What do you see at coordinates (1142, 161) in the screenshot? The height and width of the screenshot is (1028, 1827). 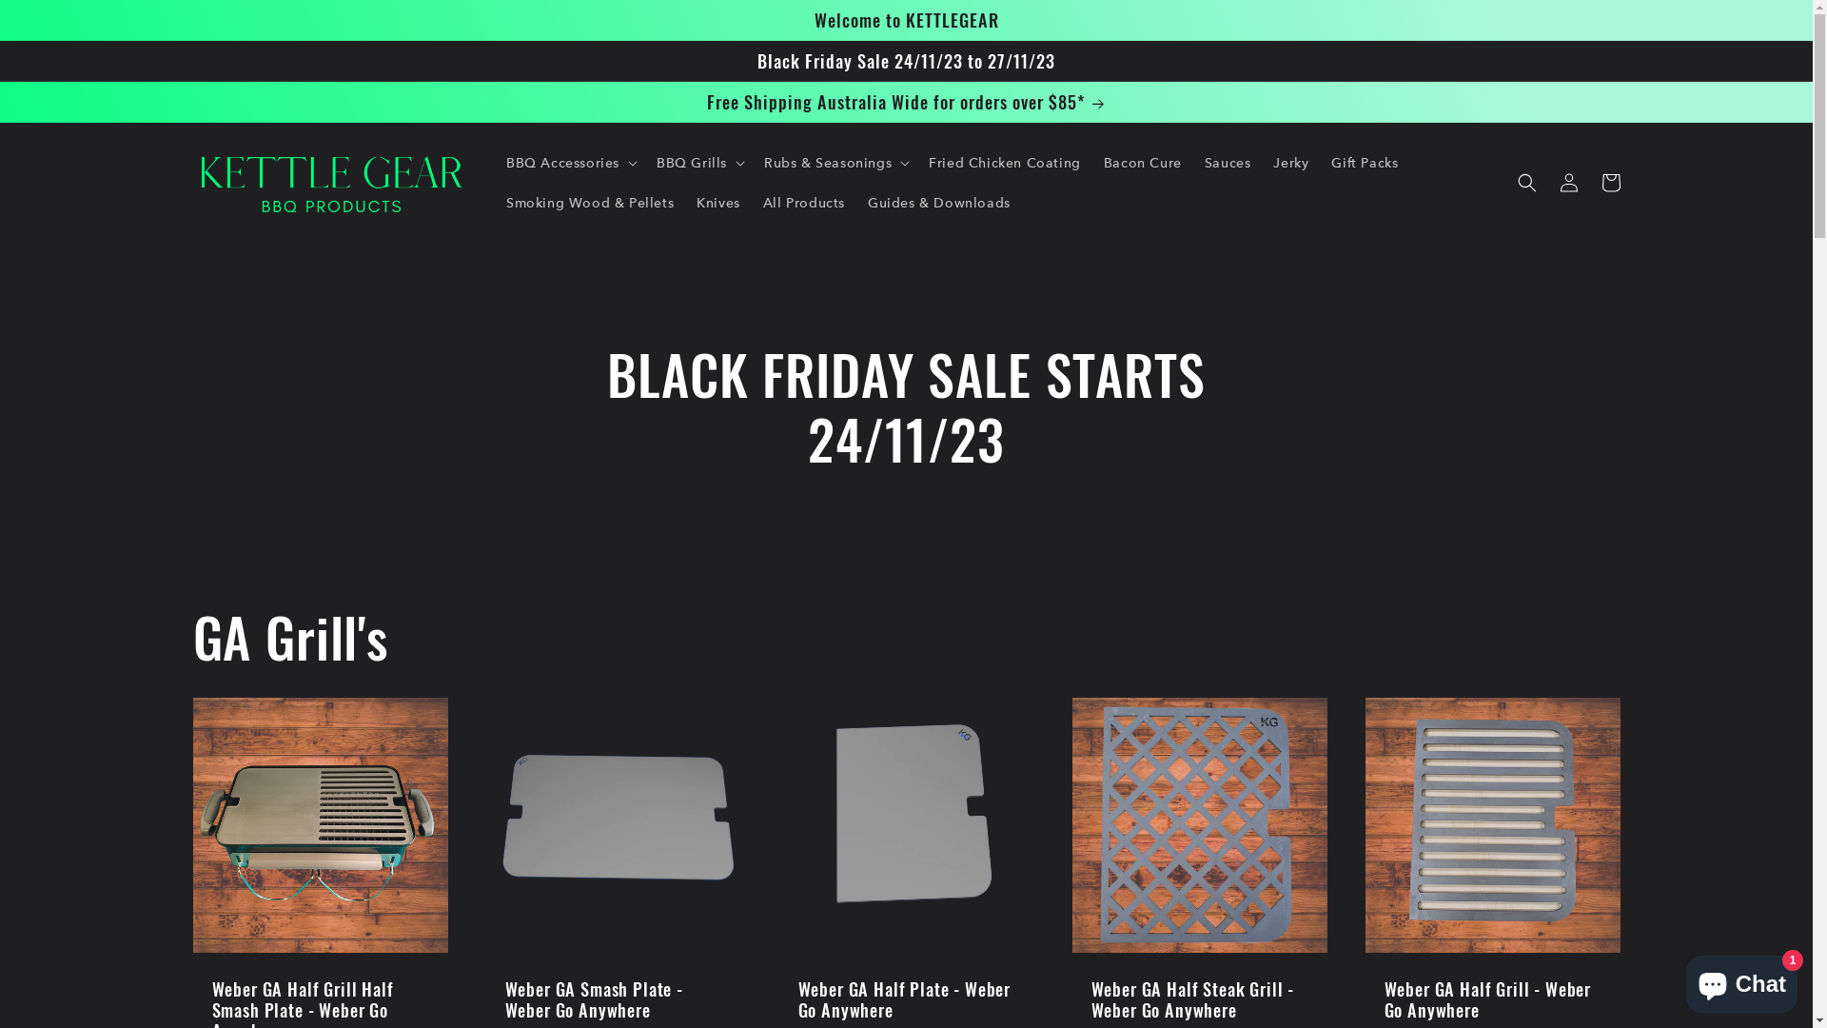 I see `'Bacon Cure'` at bounding box center [1142, 161].